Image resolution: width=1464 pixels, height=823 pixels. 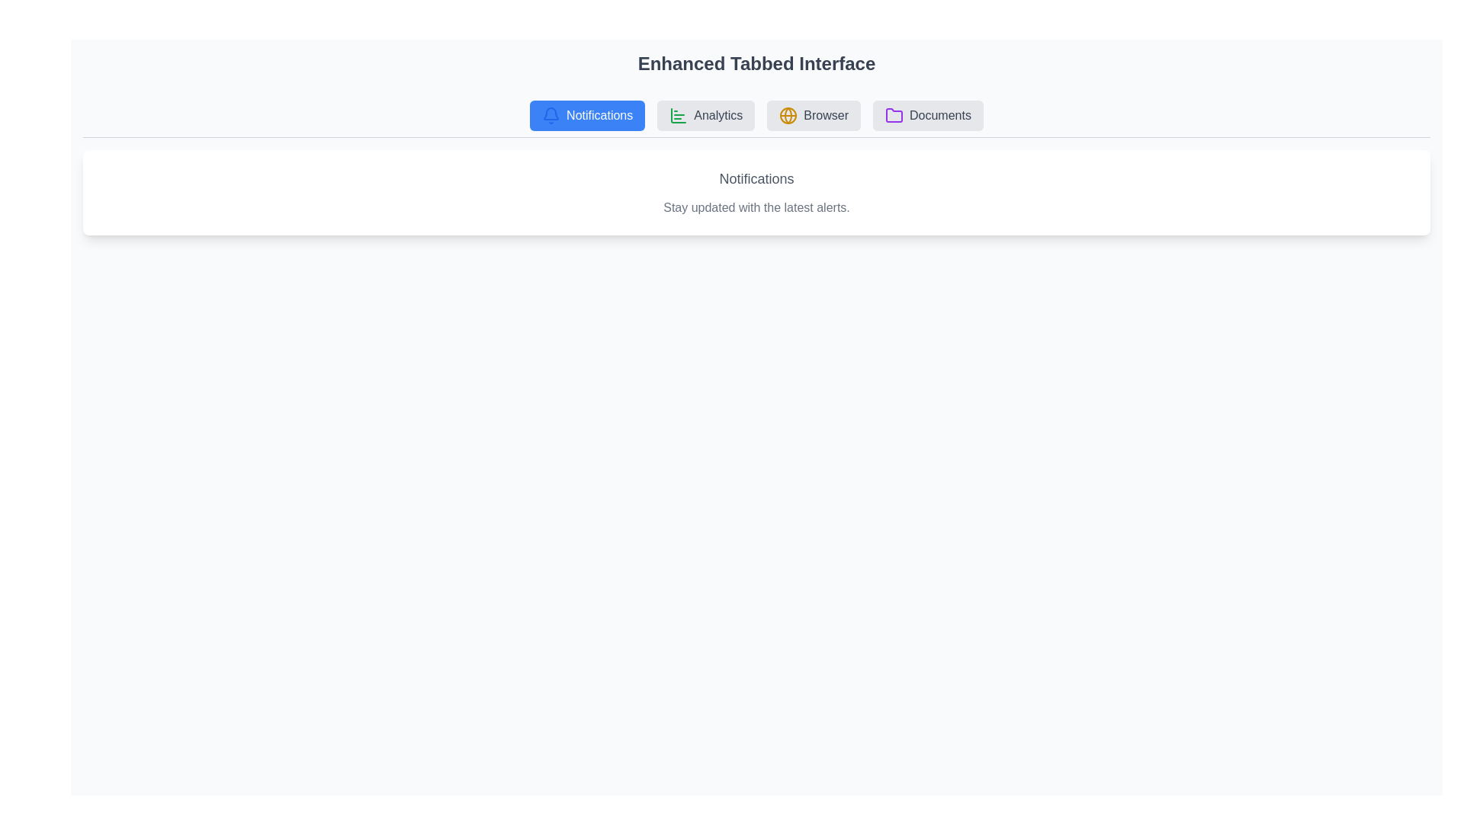 What do you see at coordinates (813, 114) in the screenshot?
I see `the tab labeled Browser to observe its hover effect` at bounding box center [813, 114].